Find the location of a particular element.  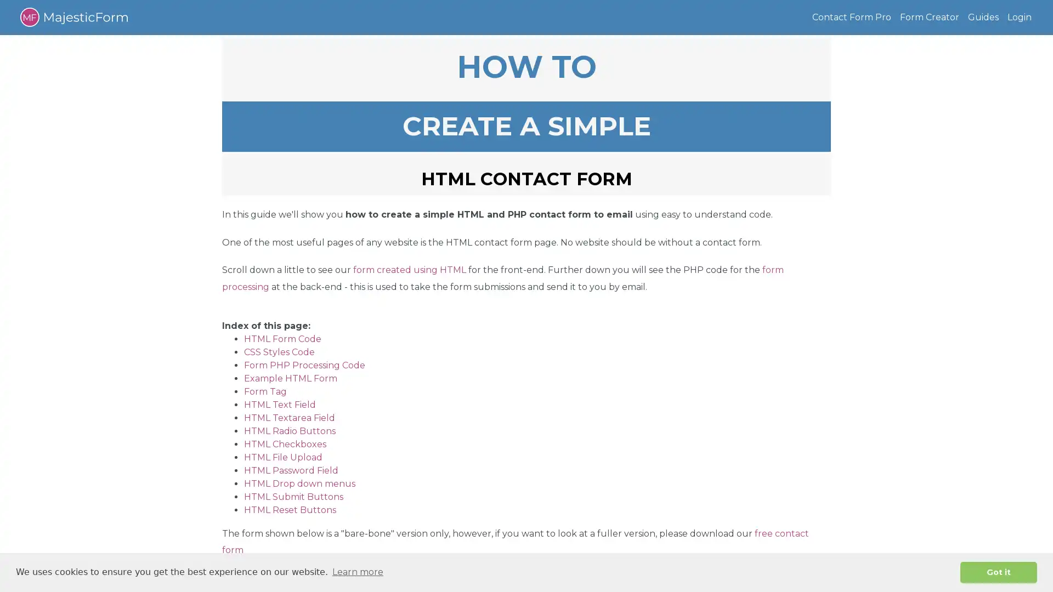

dismiss cookie message is located at coordinates (998, 572).